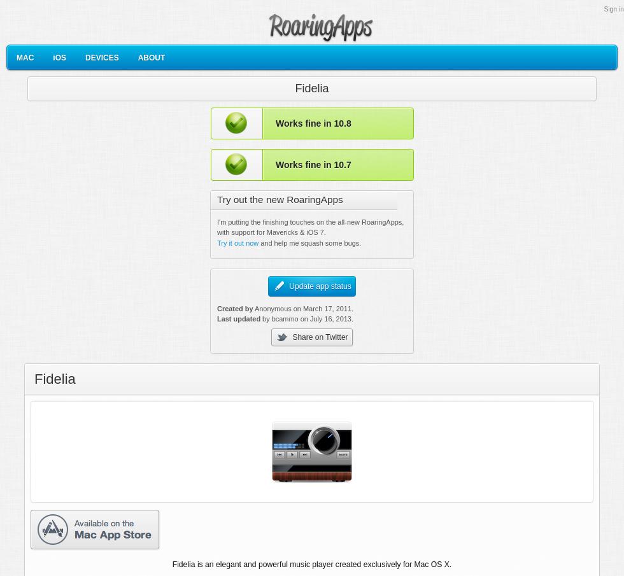  I want to click on 'Try it out now', so click(238, 242).